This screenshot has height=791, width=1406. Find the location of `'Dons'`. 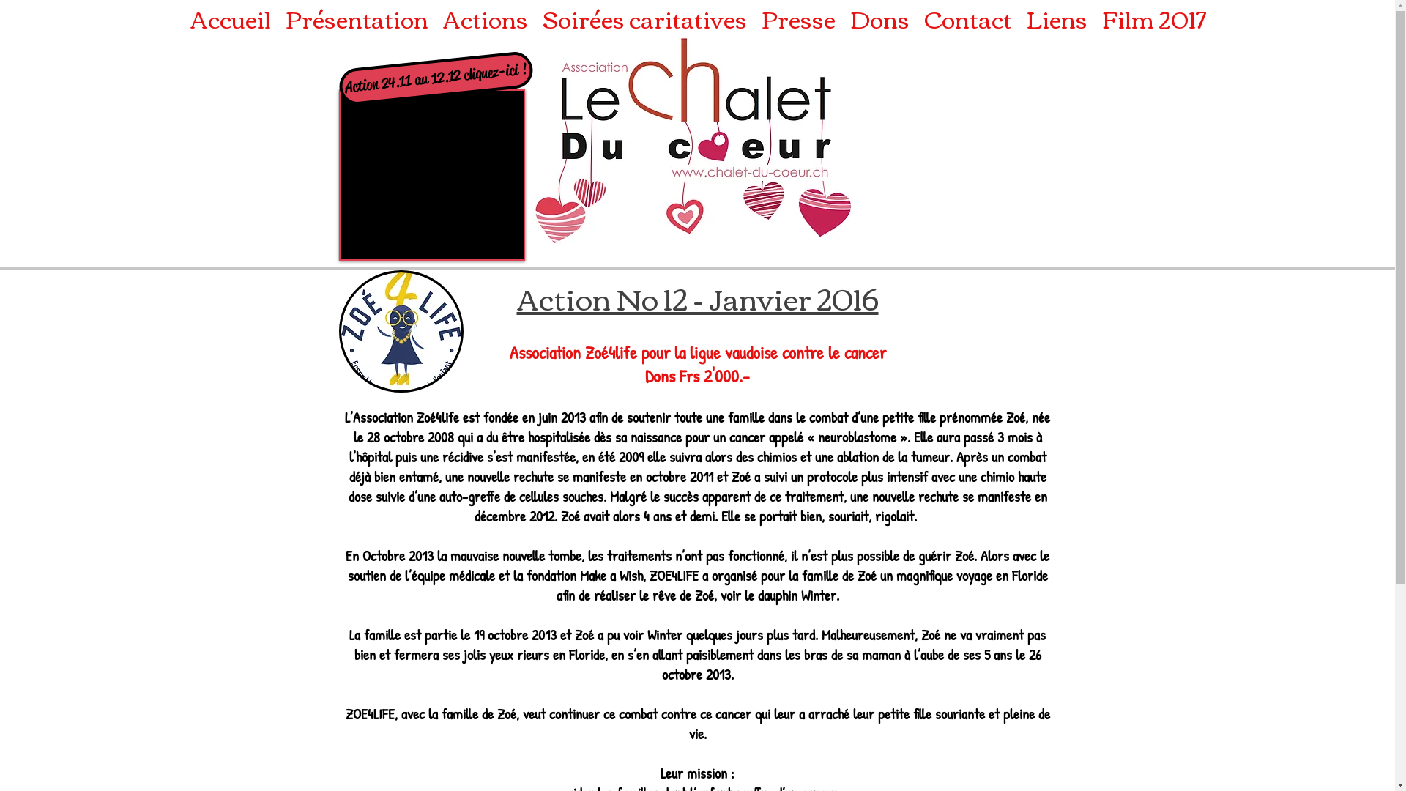

'Dons' is located at coordinates (842, 18).